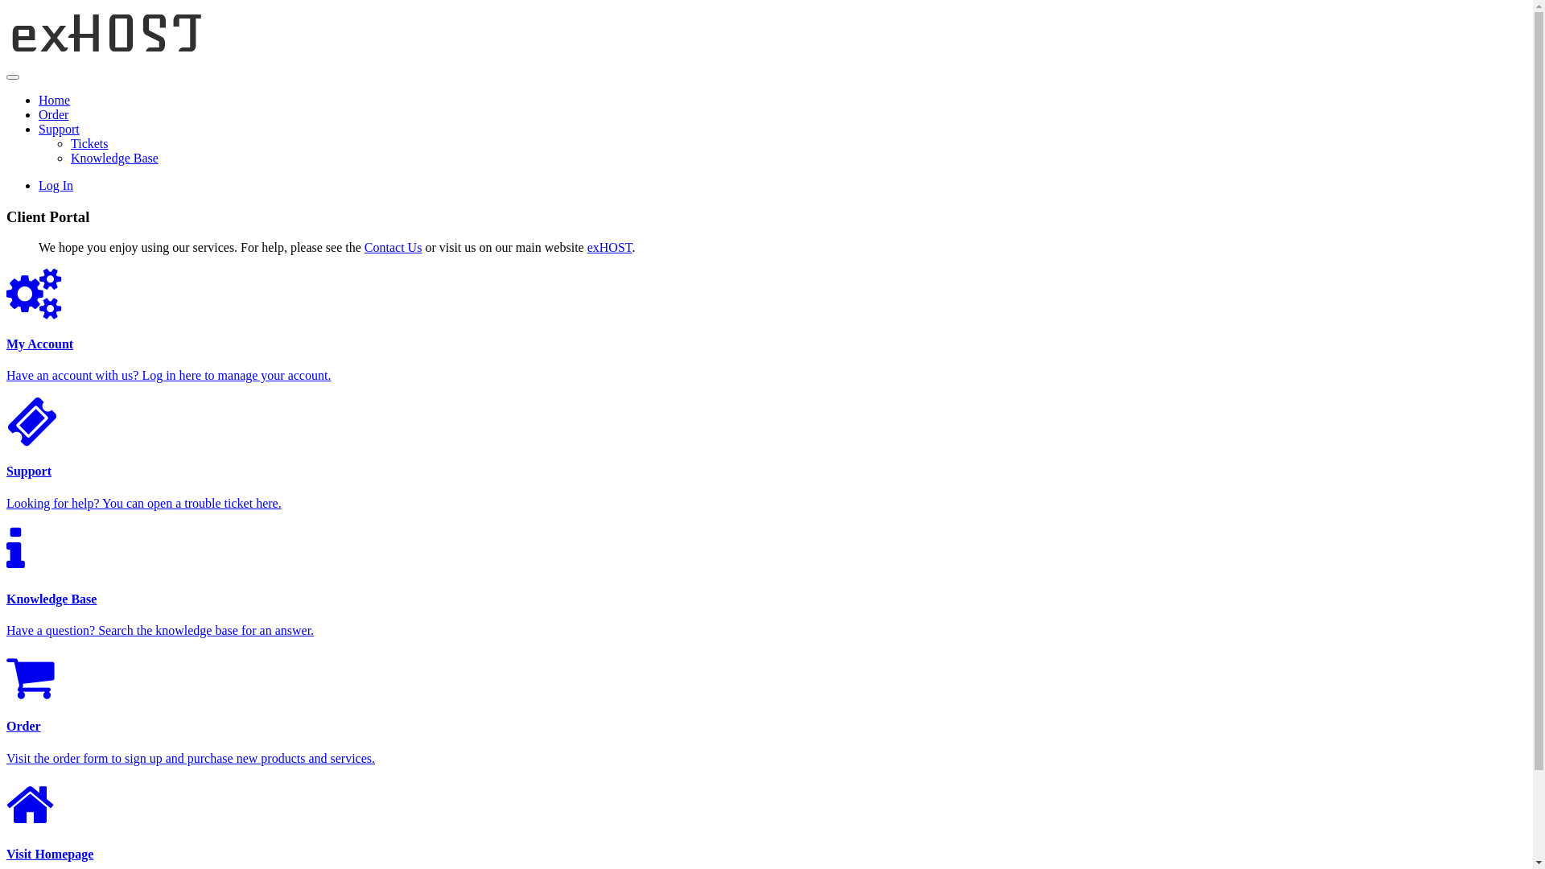 The width and height of the screenshot is (1545, 869). What do you see at coordinates (39, 184) in the screenshot?
I see `'Log In'` at bounding box center [39, 184].